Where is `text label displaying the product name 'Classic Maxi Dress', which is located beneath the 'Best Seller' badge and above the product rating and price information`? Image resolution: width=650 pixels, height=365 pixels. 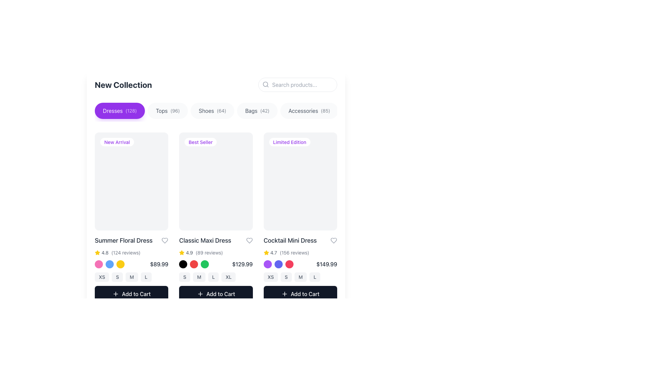 text label displaying the product name 'Classic Maxi Dress', which is located beneath the 'Best Seller' badge and above the product rating and price information is located at coordinates (205, 240).